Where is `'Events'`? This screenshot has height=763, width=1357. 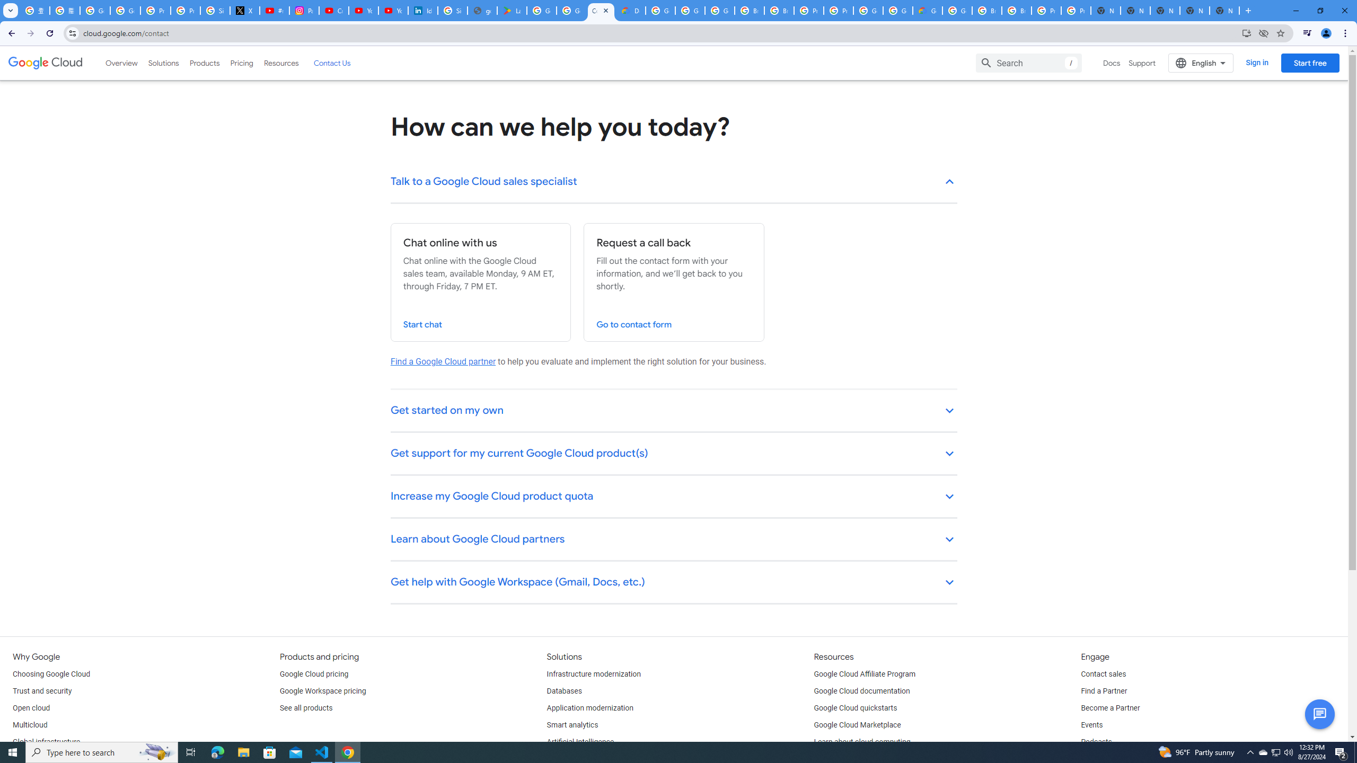
'Events' is located at coordinates (1091, 725).